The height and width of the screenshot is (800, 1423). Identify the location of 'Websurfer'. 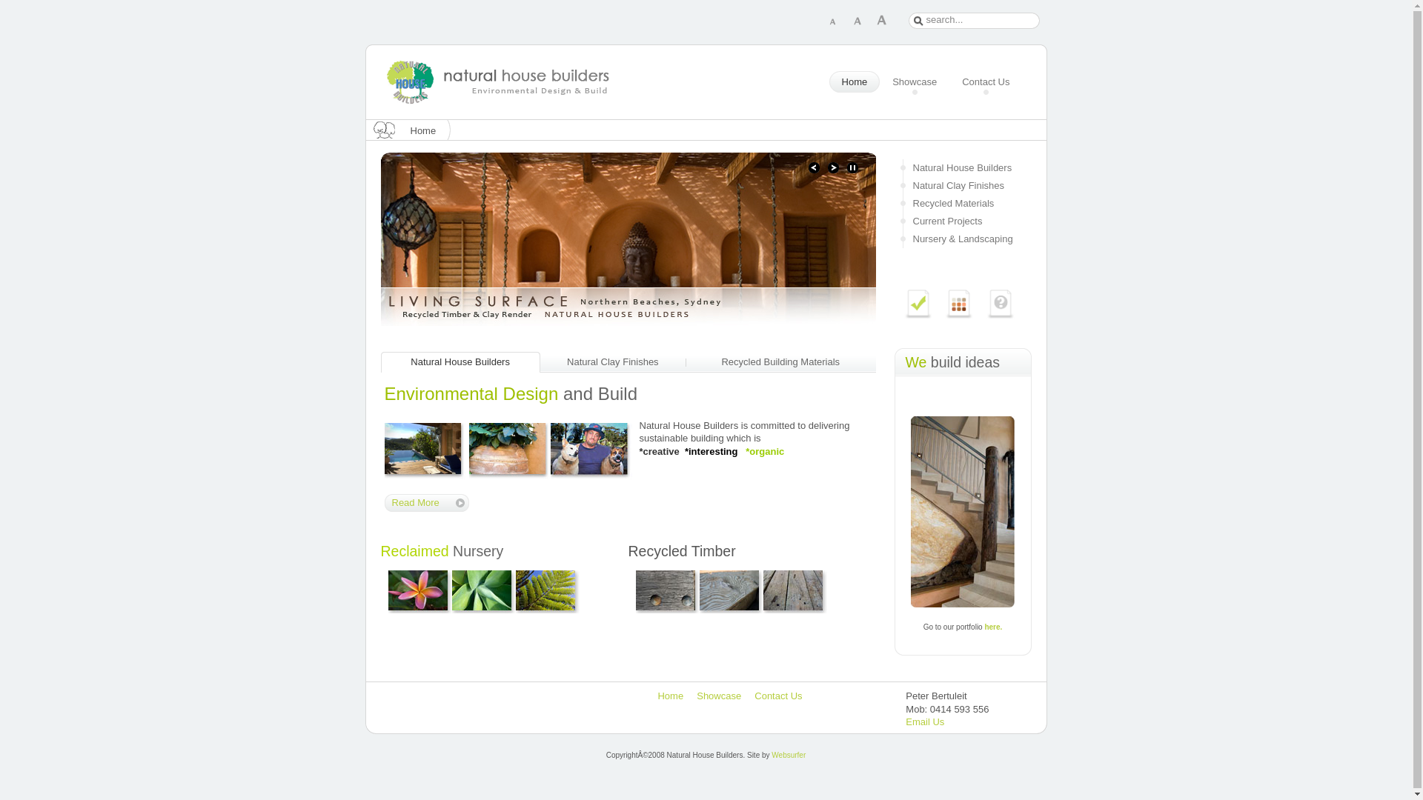
(788, 755).